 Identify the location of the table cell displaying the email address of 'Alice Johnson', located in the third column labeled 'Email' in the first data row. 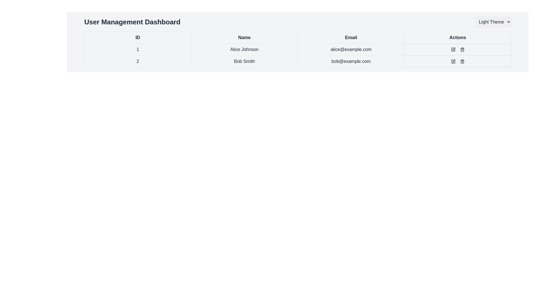
(351, 49).